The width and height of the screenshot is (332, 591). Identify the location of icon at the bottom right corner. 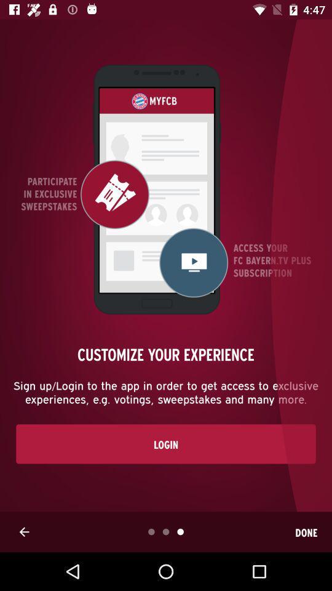
(306, 531).